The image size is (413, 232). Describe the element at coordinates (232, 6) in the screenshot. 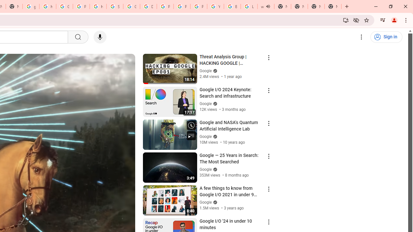

I see `'Browse Chrome as a guest - Computer - Google Chrome Help'` at that location.